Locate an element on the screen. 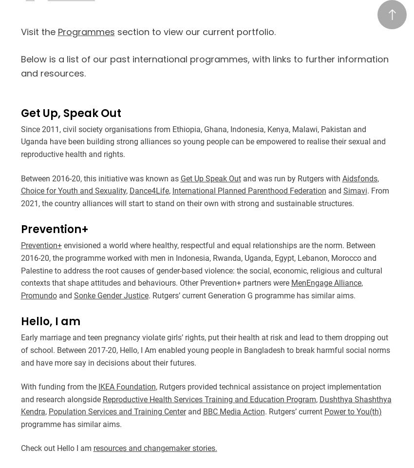  '. Rutgers’ current' is located at coordinates (294, 411).